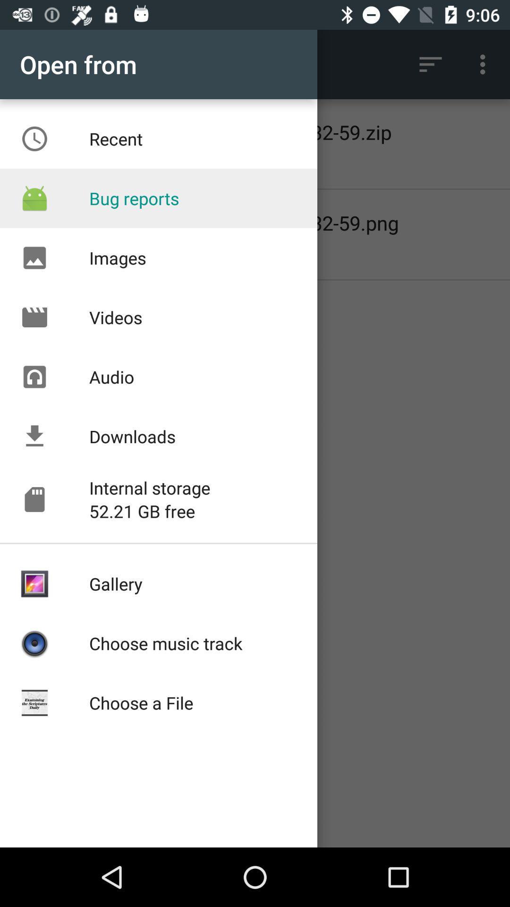  Describe the element at coordinates (34, 138) in the screenshot. I see `the icon which is left to the recent` at that location.